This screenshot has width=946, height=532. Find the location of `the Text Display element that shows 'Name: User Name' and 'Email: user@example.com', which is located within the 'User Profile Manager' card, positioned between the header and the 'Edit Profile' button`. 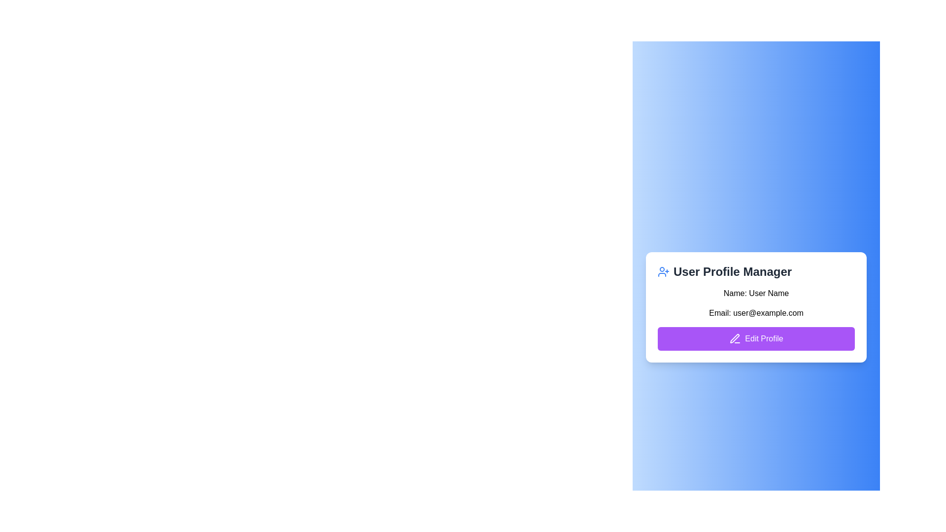

the Text Display element that shows 'Name: User Name' and 'Email: user@example.com', which is located within the 'User Profile Manager' card, positioned between the header and the 'Edit Profile' button is located at coordinates (756, 319).